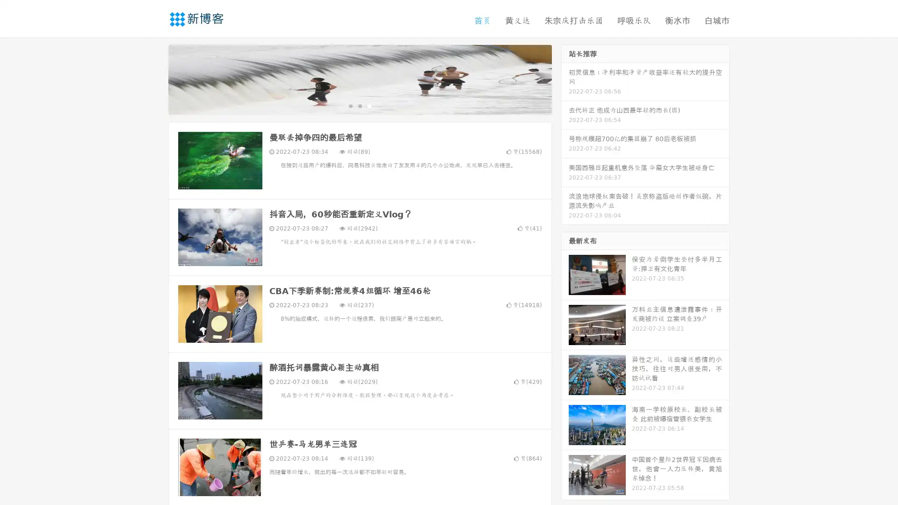 Image resolution: width=898 pixels, height=505 pixels. I want to click on Go to slide 2, so click(359, 105).